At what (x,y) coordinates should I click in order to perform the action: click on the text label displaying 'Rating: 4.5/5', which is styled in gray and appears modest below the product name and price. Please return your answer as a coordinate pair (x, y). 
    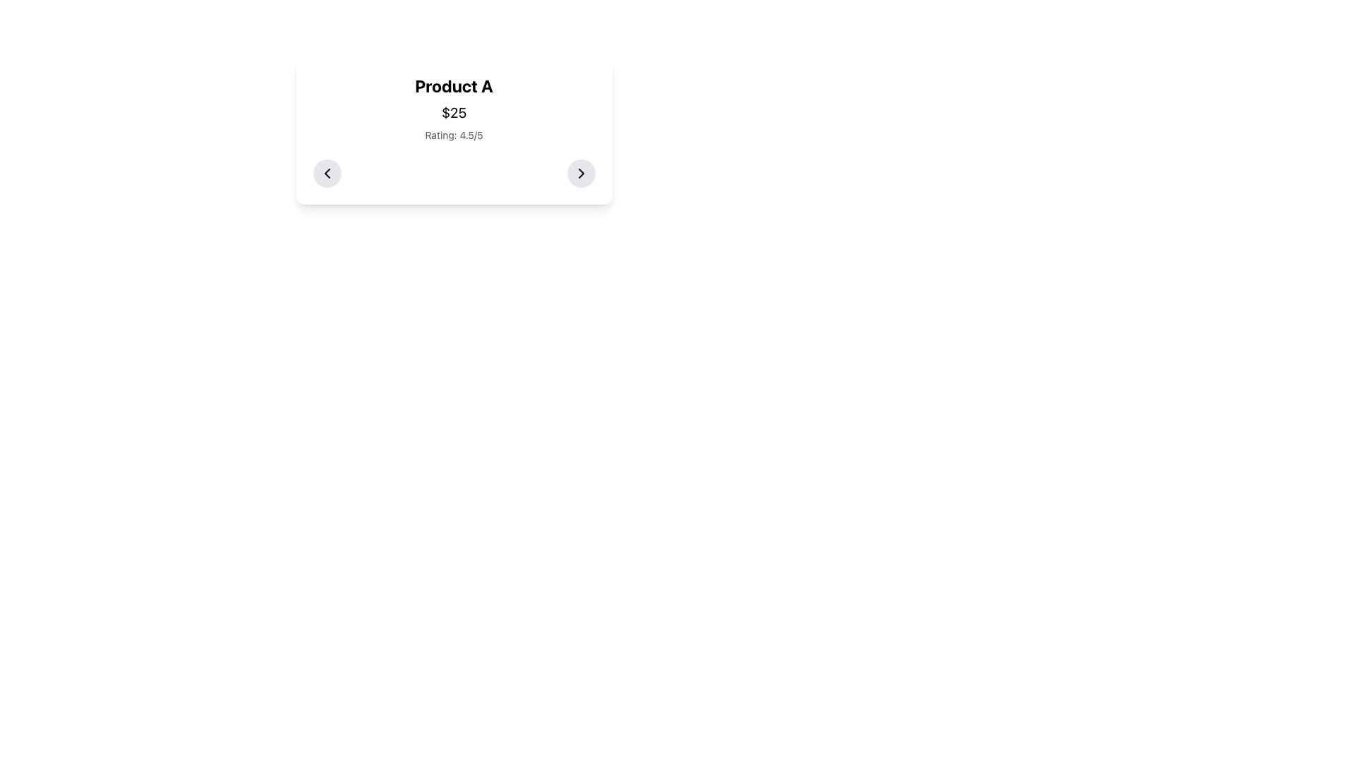
    Looking at the image, I should click on (454, 135).